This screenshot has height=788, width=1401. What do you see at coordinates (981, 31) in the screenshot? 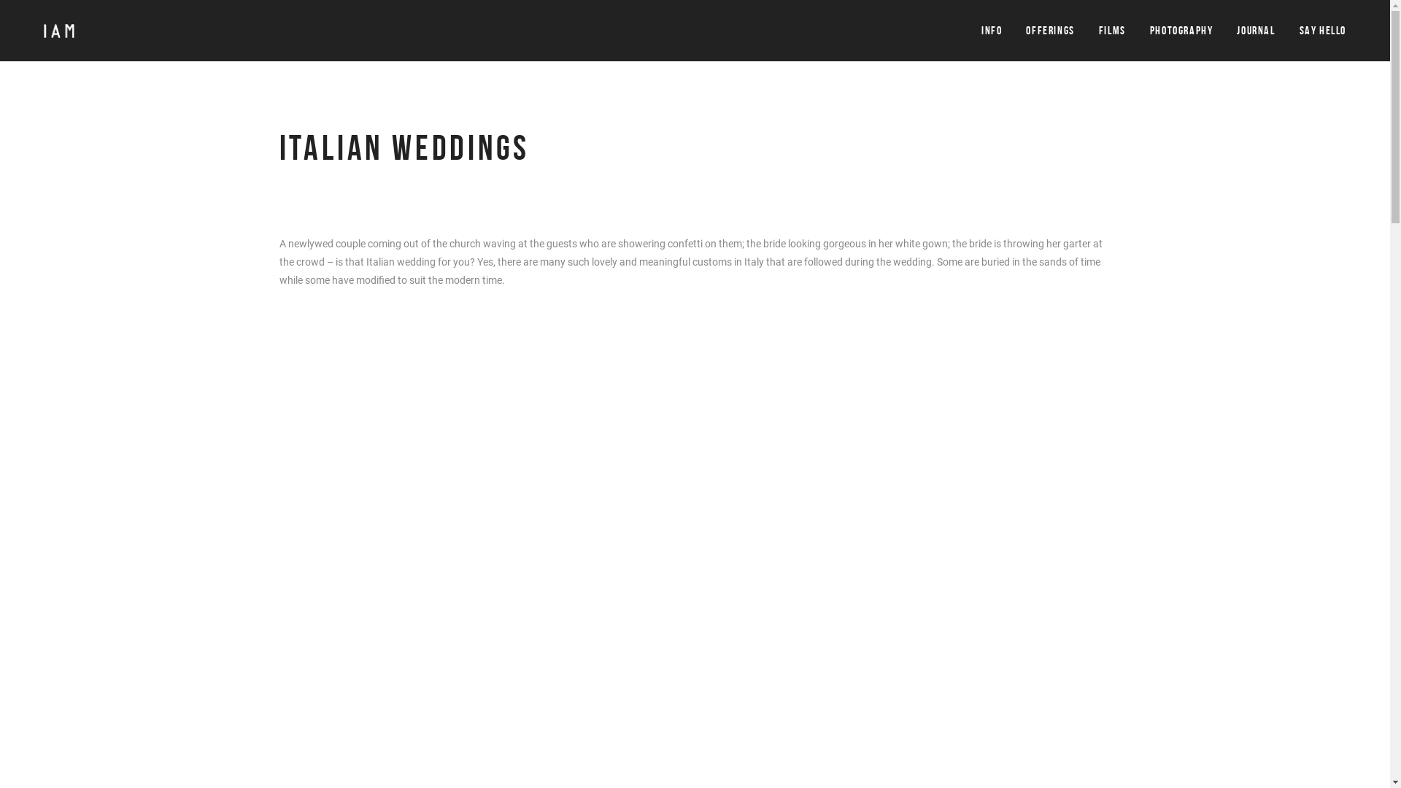
I see `'INFO'` at bounding box center [981, 31].